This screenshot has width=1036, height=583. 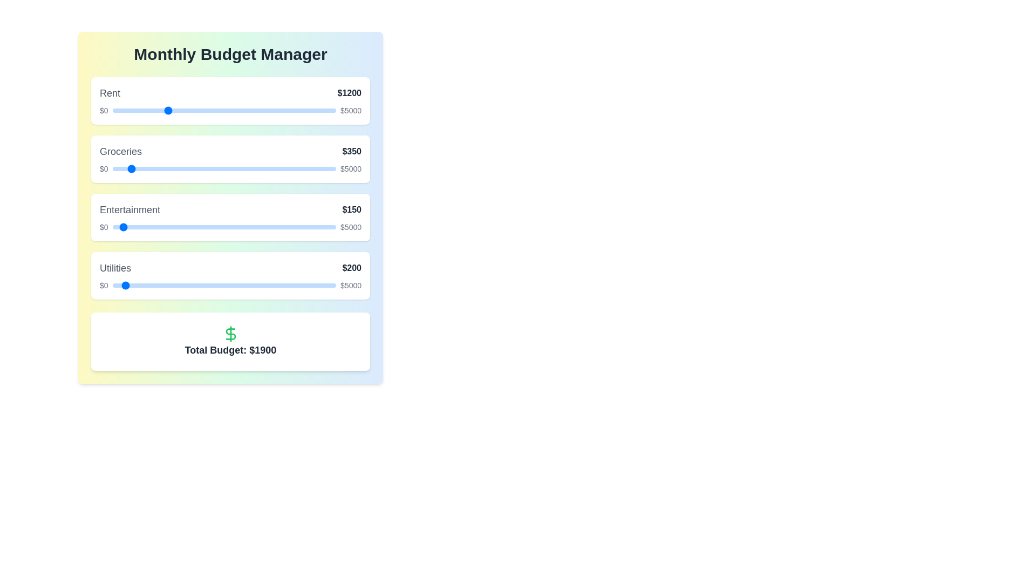 I want to click on the utilities budget, so click(x=329, y=284).